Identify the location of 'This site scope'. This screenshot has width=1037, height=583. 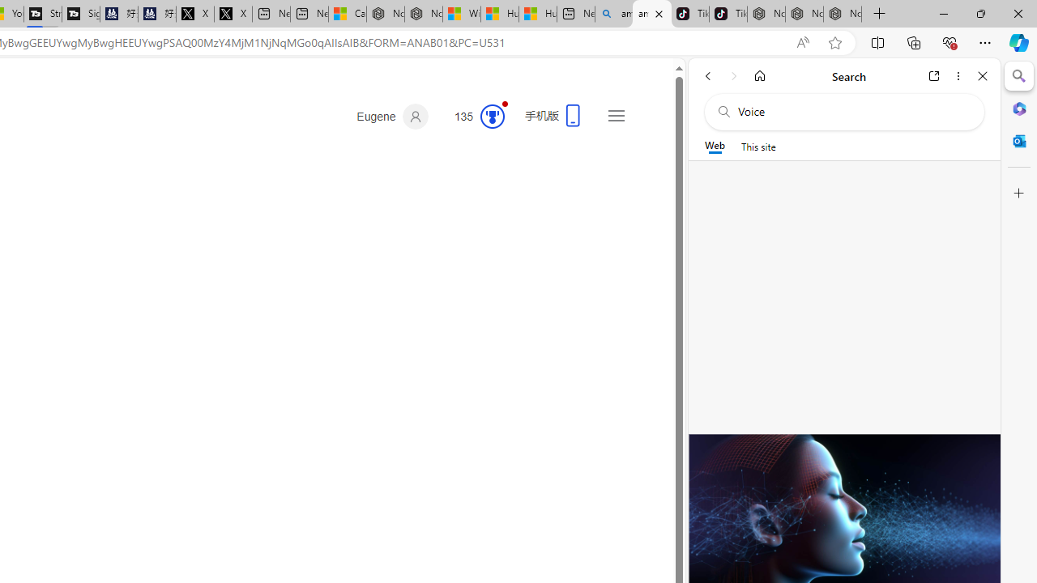
(757, 146).